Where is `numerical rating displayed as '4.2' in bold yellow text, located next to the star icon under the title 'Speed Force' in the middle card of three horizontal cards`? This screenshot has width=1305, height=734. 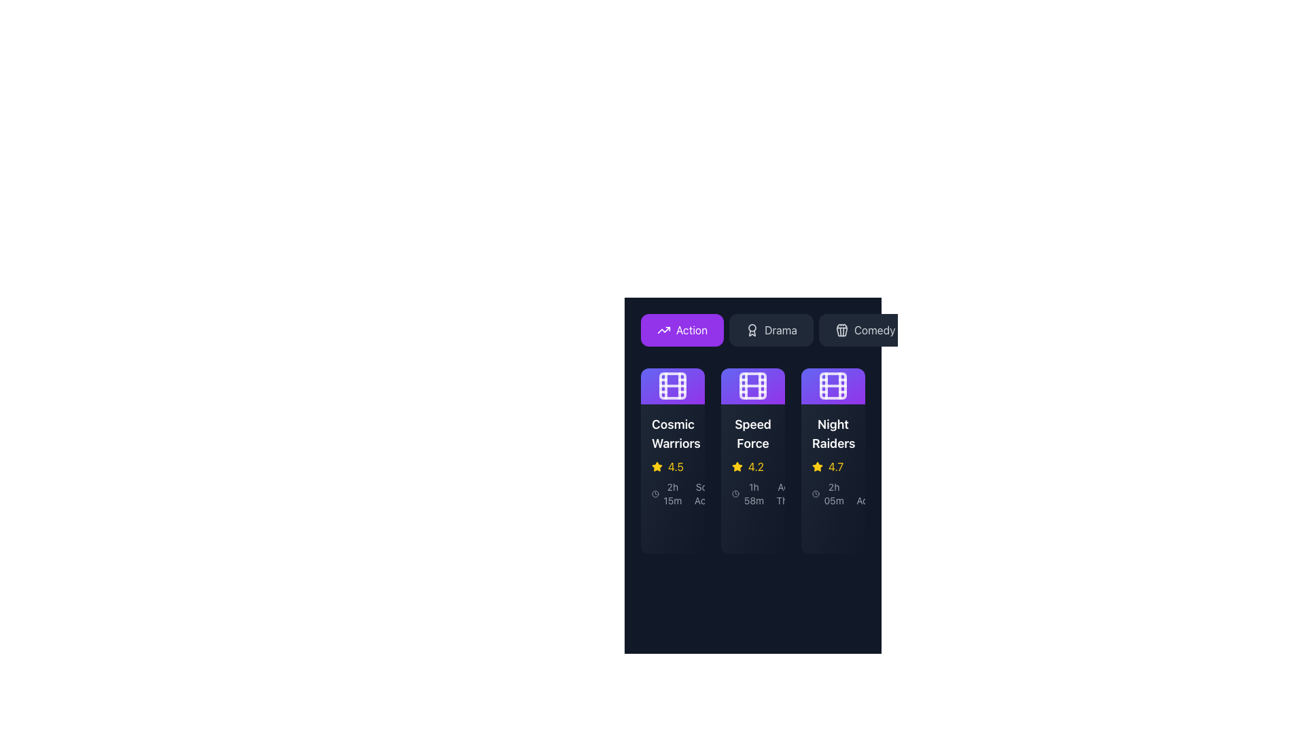 numerical rating displayed as '4.2' in bold yellow text, located next to the star icon under the title 'Speed Force' in the middle card of three horizontal cards is located at coordinates (755, 466).